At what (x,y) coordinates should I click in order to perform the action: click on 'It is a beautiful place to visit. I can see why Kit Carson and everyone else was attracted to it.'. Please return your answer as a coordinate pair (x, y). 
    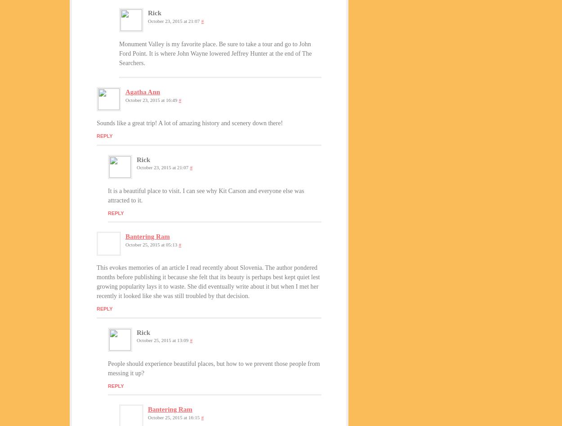
    Looking at the image, I should click on (205, 195).